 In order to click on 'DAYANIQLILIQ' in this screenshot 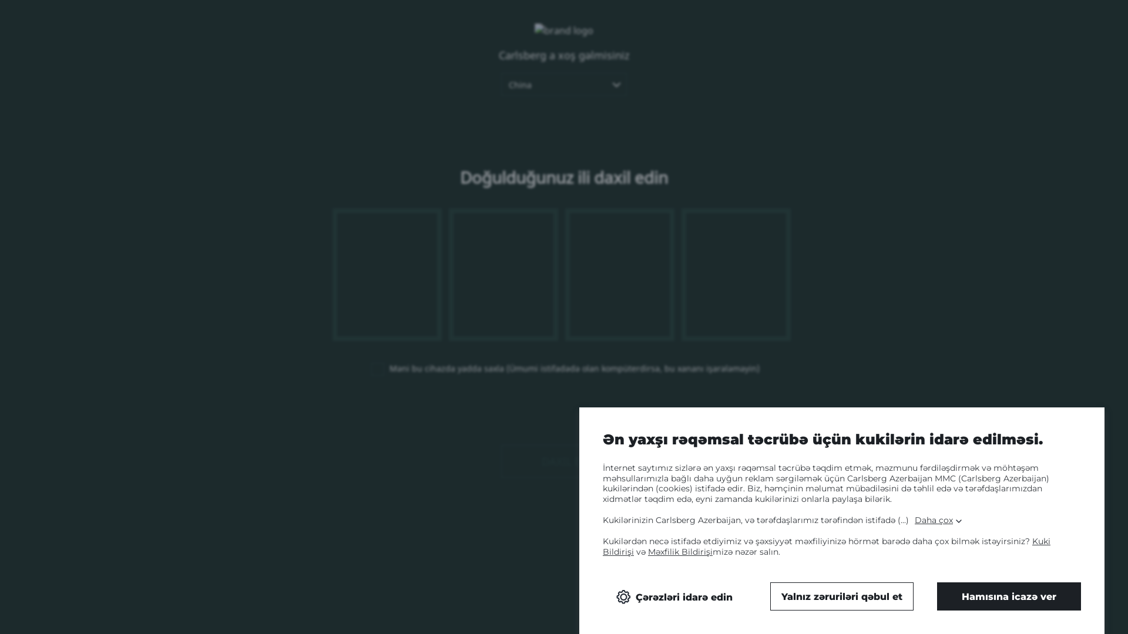, I will do `click(848, 37)`.